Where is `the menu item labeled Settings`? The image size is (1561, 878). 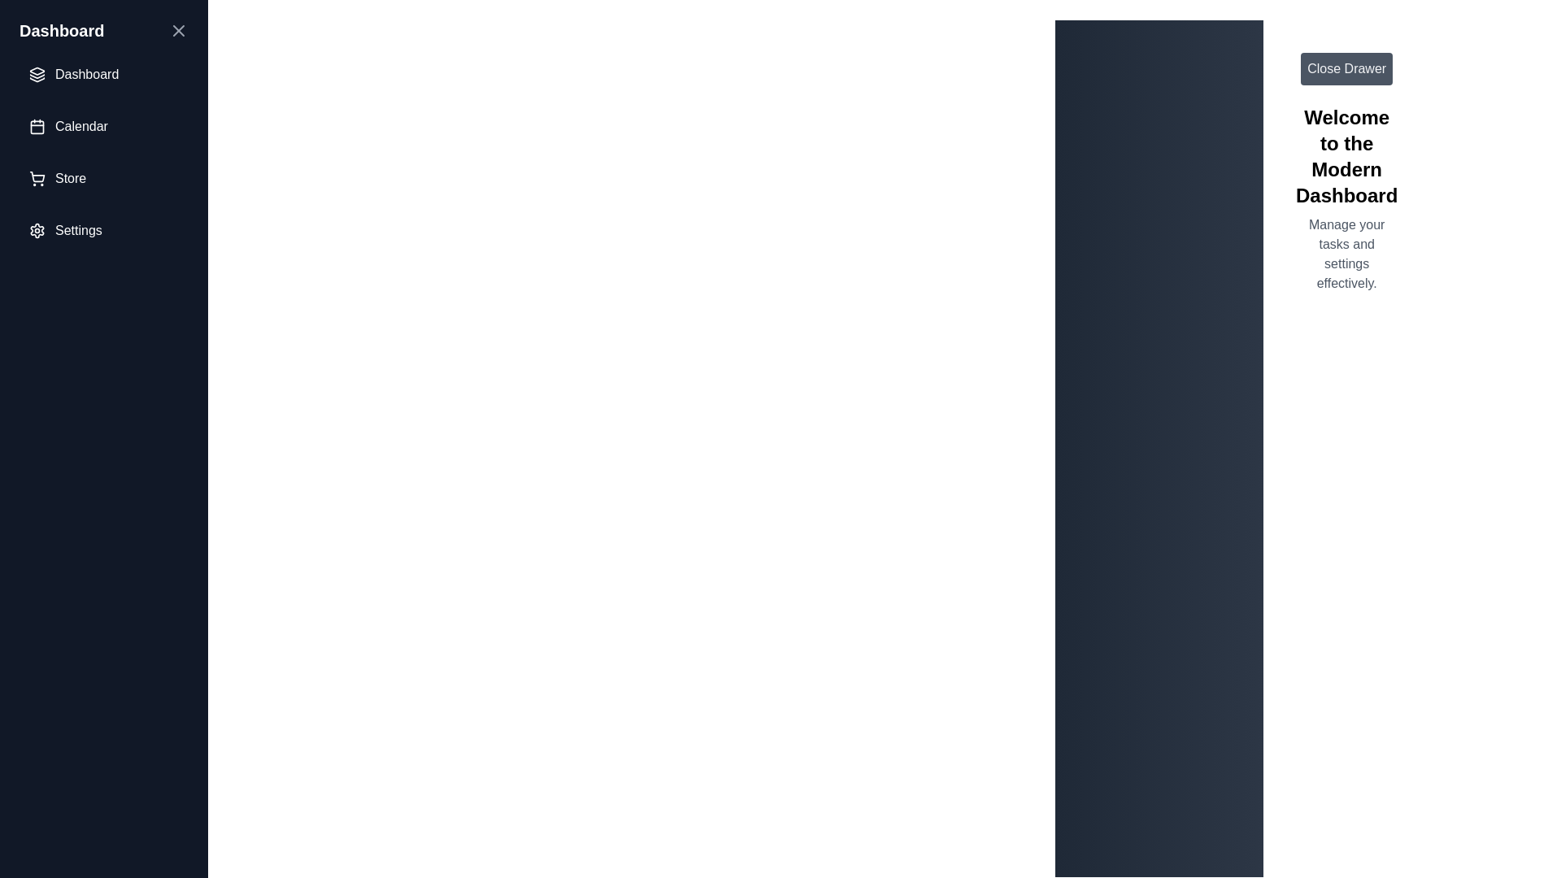
the menu item labeled Settings is located at coordinates (103, 231).